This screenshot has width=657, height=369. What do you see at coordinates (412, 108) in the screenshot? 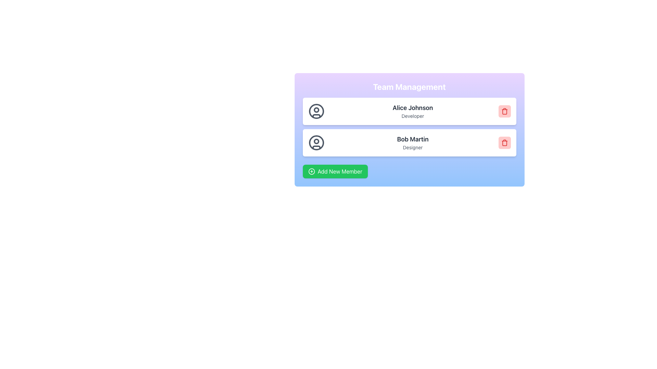
I see `the text label displaying 'Alice Johnson', which is located at the top of the user's profile card in the Team Management section` at bounding box center [412, 108].